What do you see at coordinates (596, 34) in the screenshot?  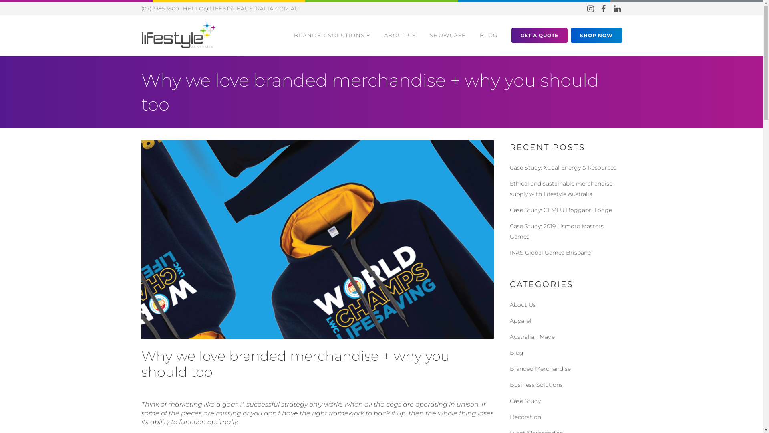 I see `'SHOP NOW'` at bounding box center [596, 34].